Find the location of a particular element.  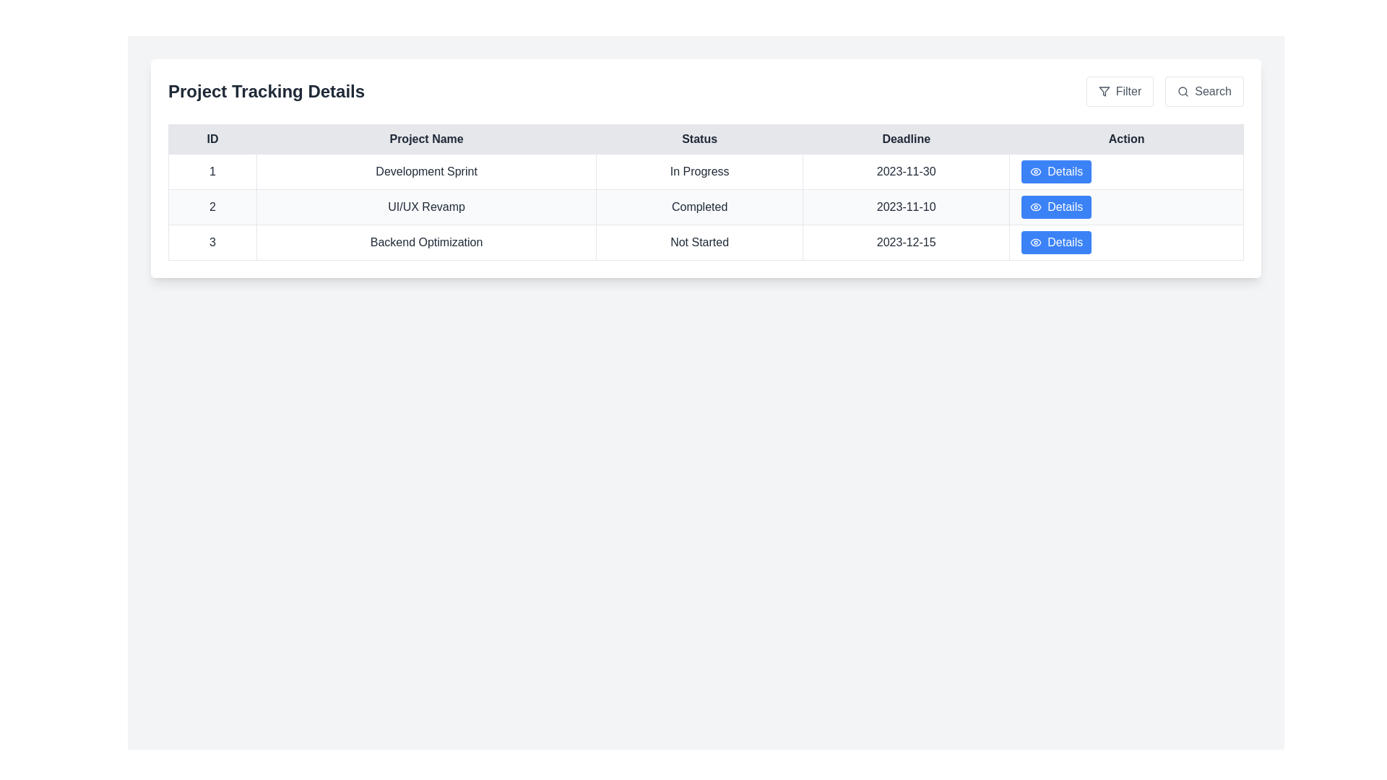

the text-based label indicating the current status of the project, which is 'Development Sprint', located in the third cell of the row labeled 'Development Sprint' under the 'Status' column is located at coordinates (699, 171).